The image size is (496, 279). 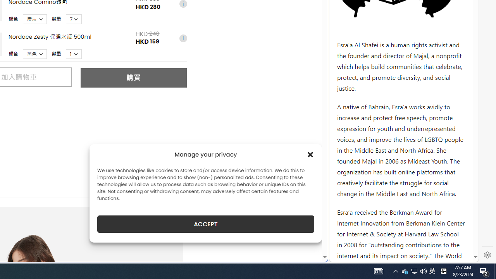 What do you see at coordinates (74, 53) in the screenshot?
I see `'Class: upsell-v2-product-upsell-variable-product-qty-select'` at bounding box center [74, 53].